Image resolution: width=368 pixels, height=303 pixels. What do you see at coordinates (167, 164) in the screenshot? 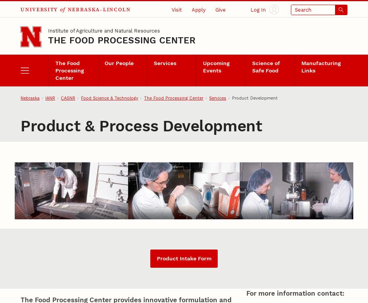
I see `'Sensory Lab'` at bounding box center [167, 164].